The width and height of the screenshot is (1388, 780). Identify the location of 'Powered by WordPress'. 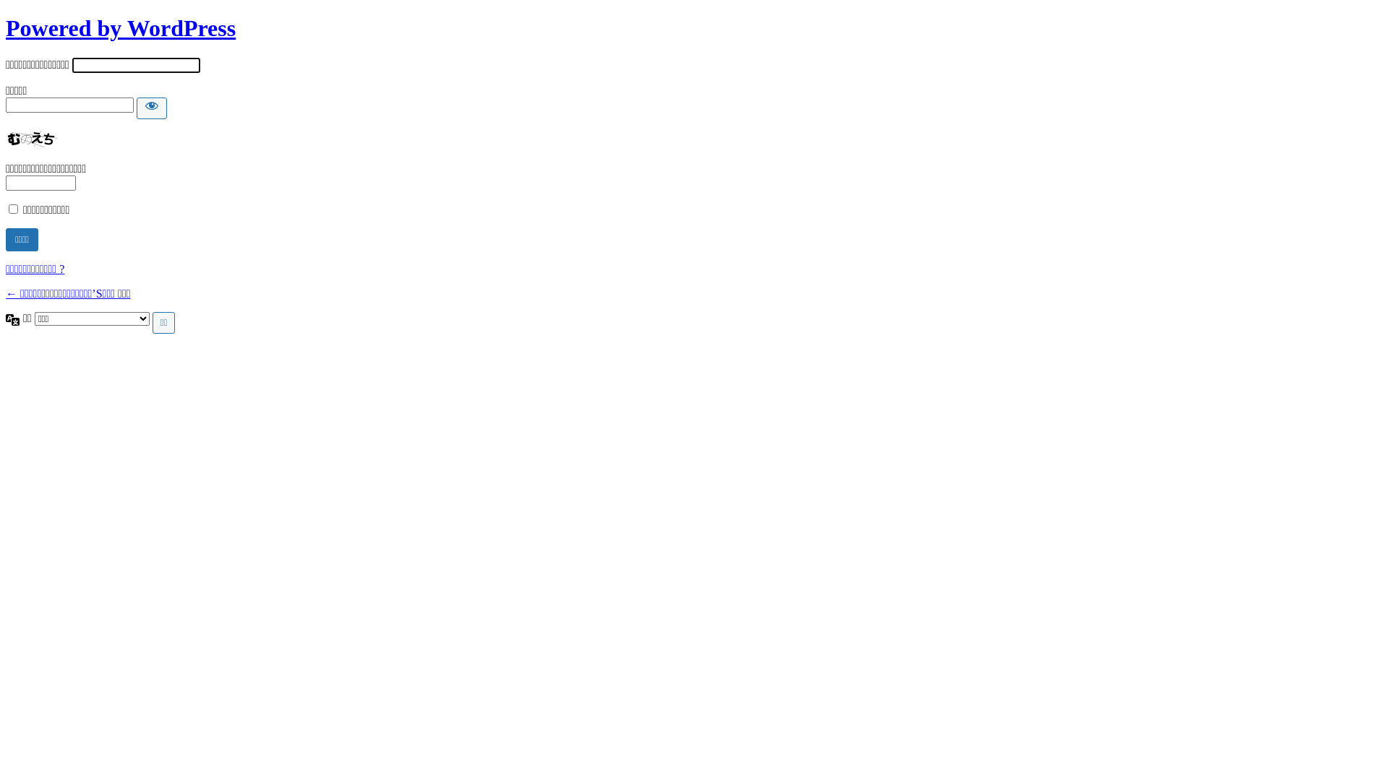
(121, 27).